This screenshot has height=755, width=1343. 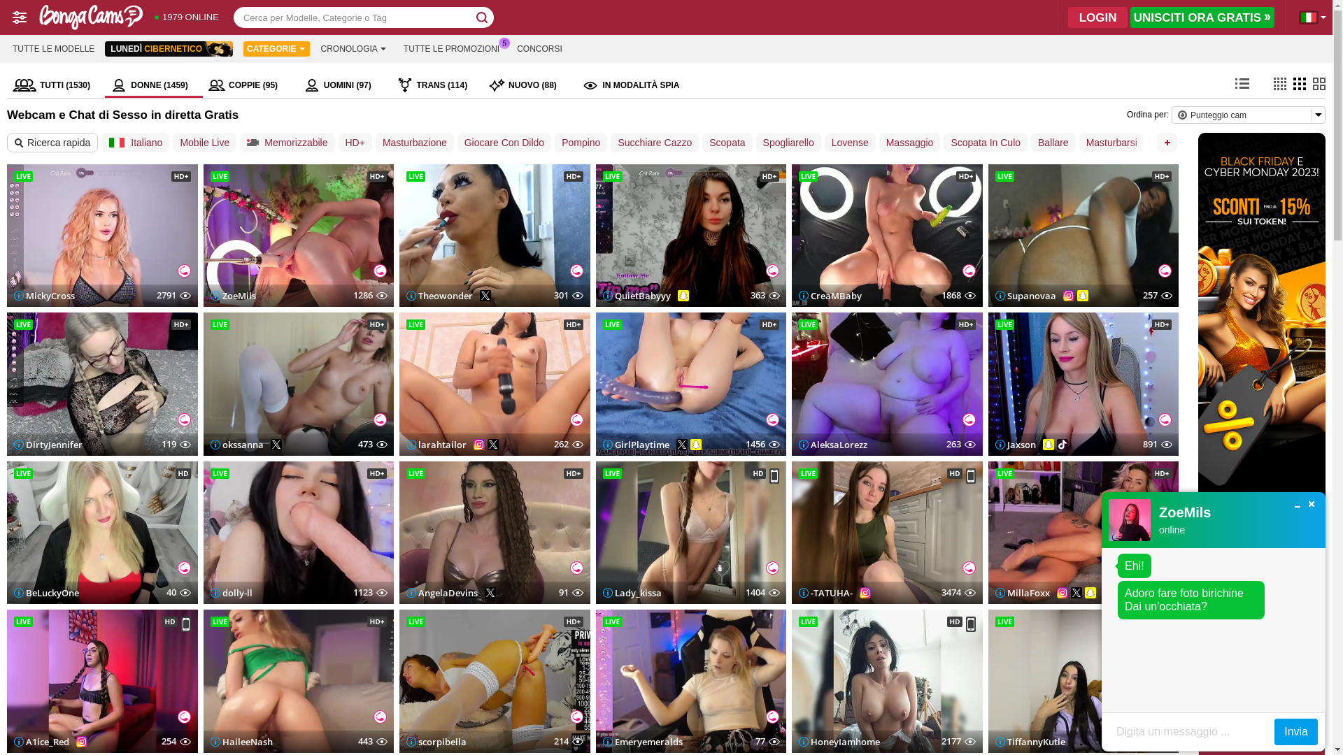 I want to click on 'Mobile Live', so click(x=204, y=143).